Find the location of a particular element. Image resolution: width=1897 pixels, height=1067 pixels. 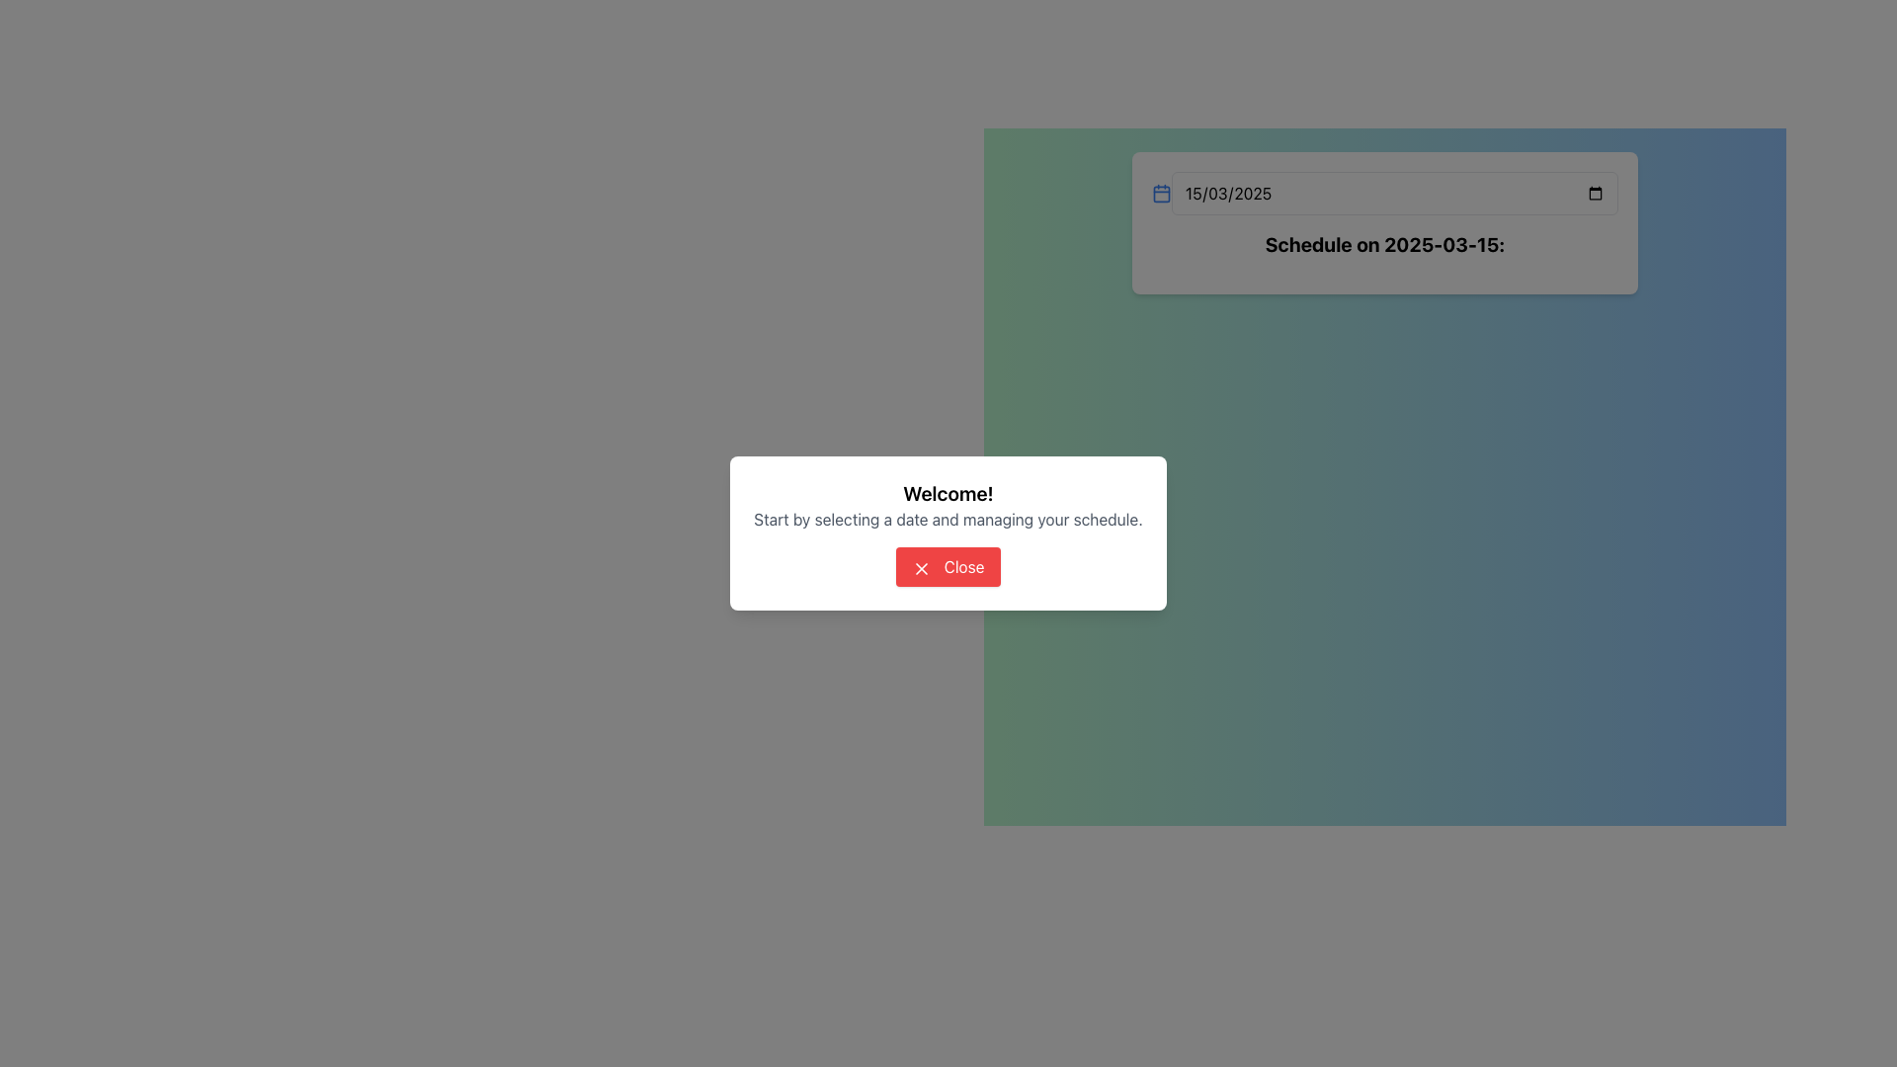

the 'Close' button with a red background and an 'X' icon is located at coordinates (948, 567).